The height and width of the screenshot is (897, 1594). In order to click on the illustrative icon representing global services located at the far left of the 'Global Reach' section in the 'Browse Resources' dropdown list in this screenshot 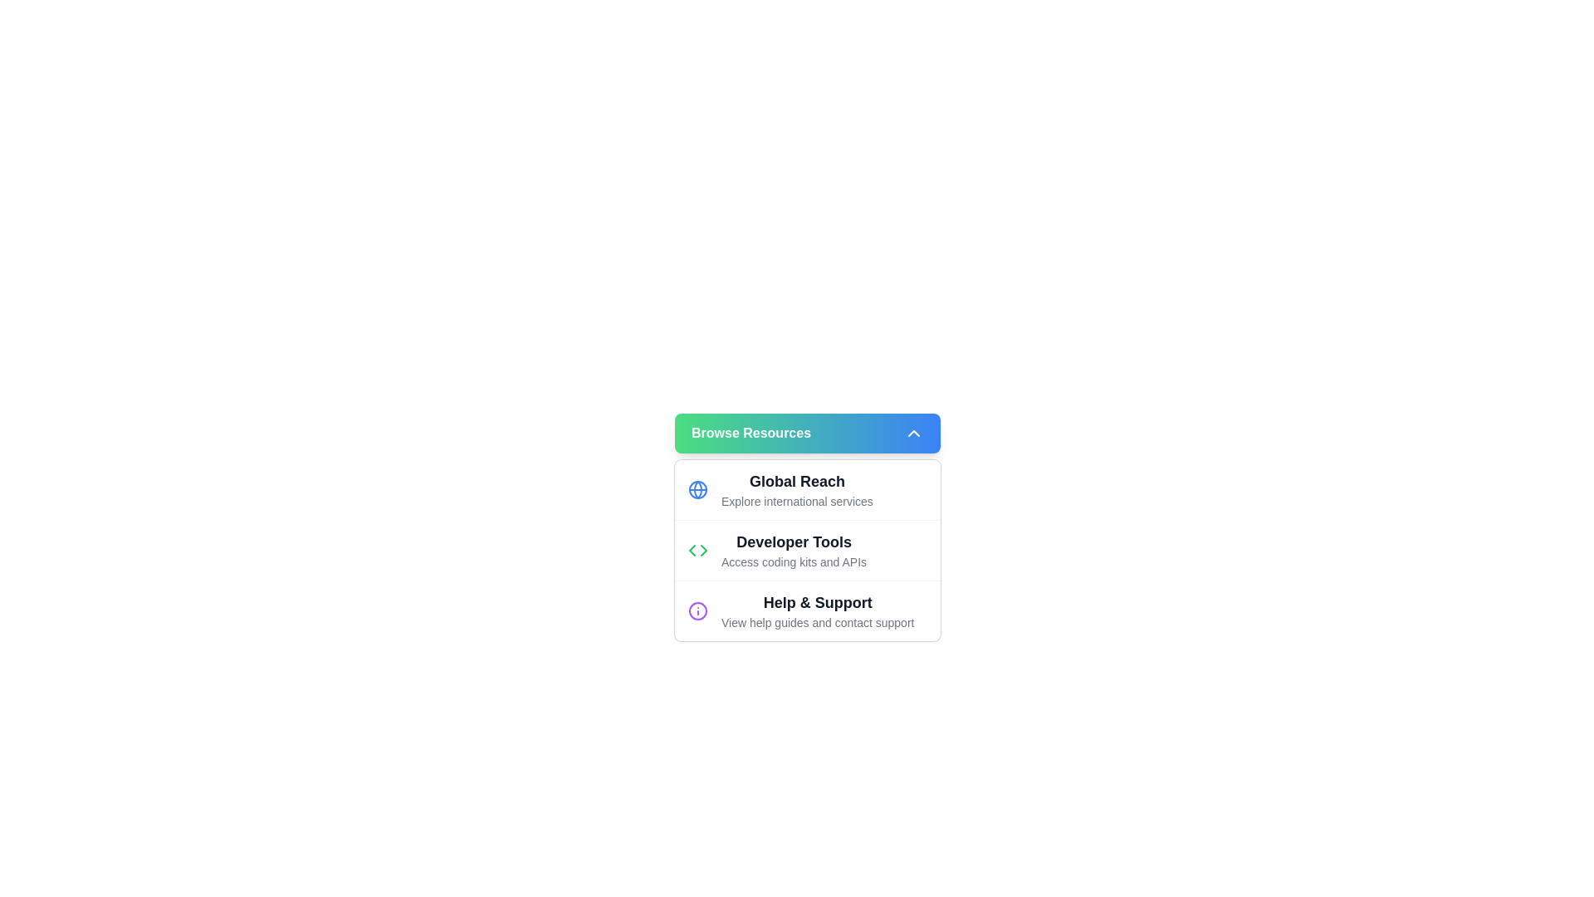, I will do `click(697, 489)`.